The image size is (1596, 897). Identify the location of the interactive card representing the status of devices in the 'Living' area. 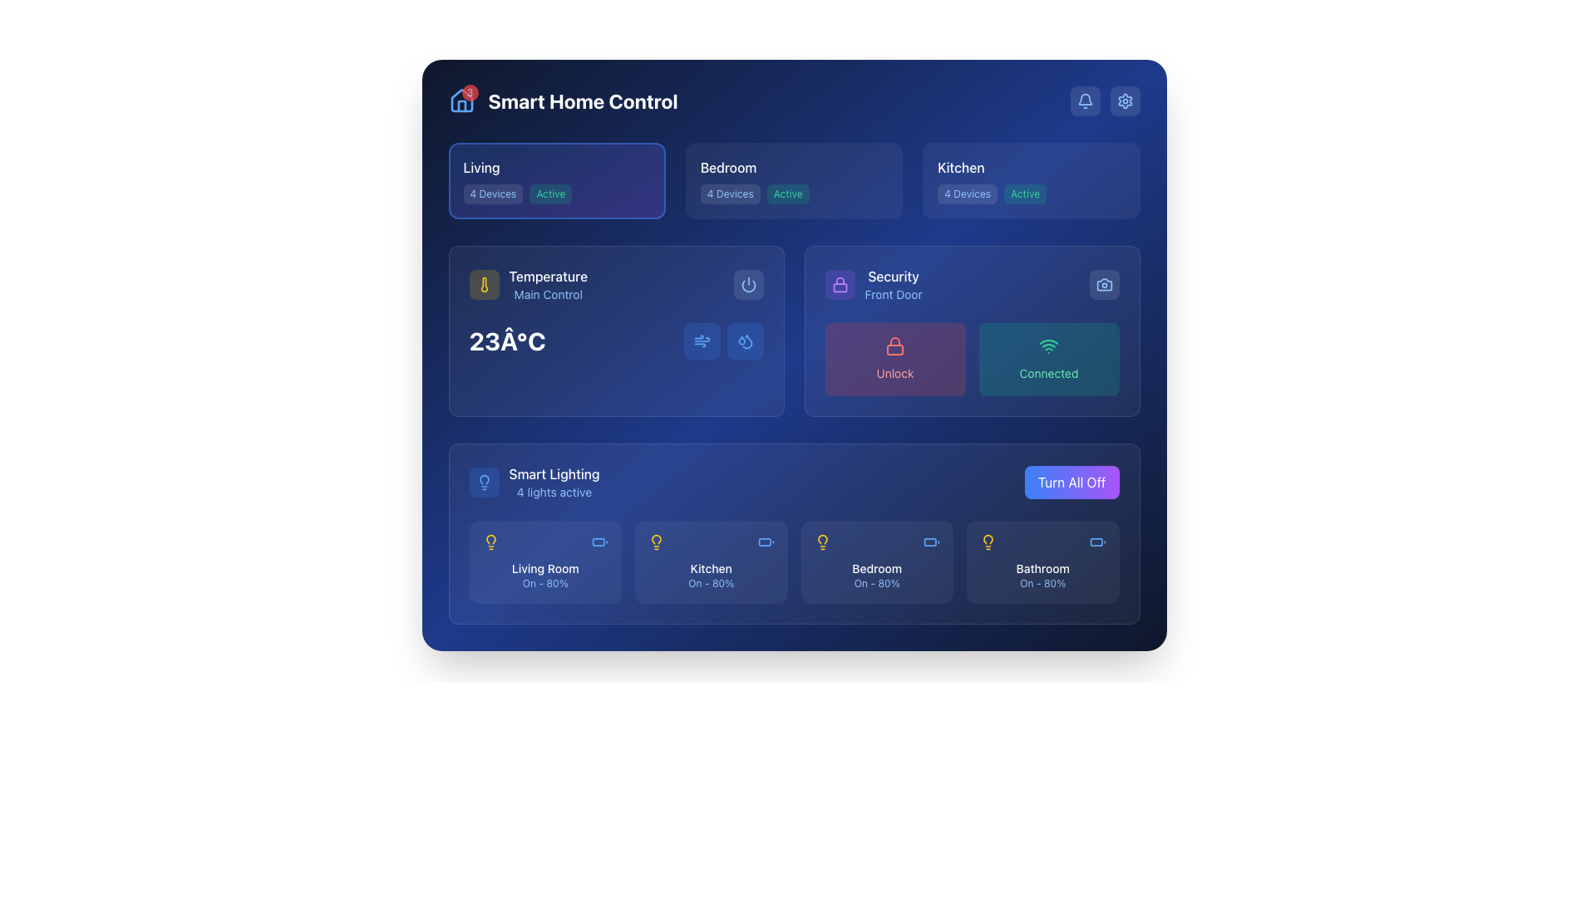
(557, 181).